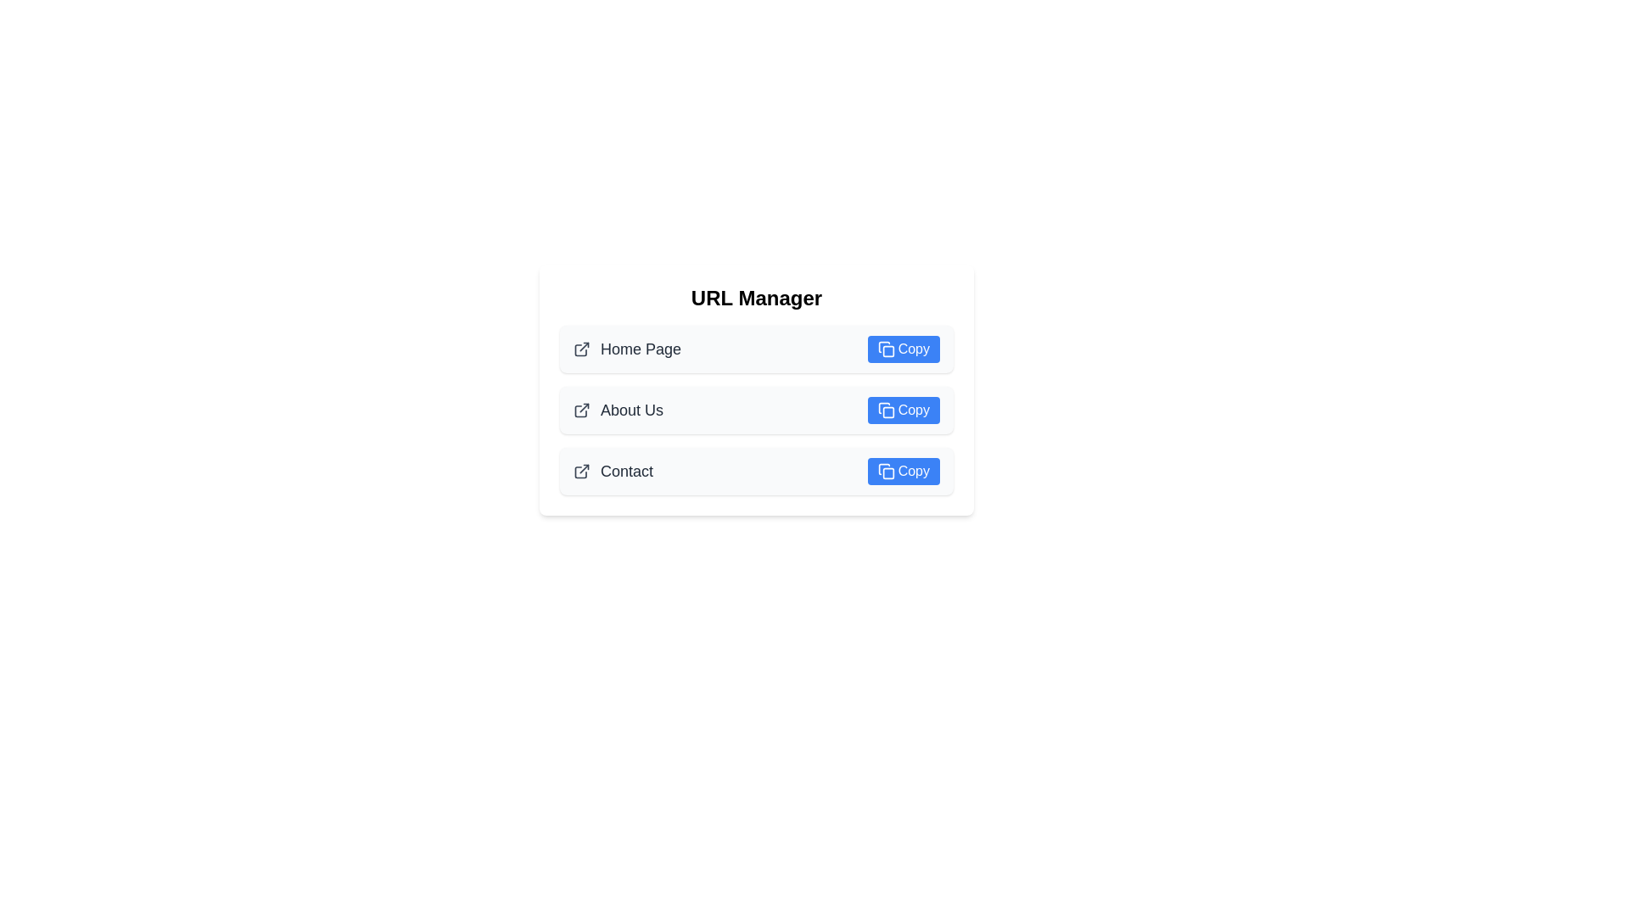 The width and height of the screenshot is (1629, 916). What do you see at coordinates (912, 410) in the screenshot?
I see `the text label within the 'Copy' button for the 'About Us' entry` at bounding box center [912, 410].